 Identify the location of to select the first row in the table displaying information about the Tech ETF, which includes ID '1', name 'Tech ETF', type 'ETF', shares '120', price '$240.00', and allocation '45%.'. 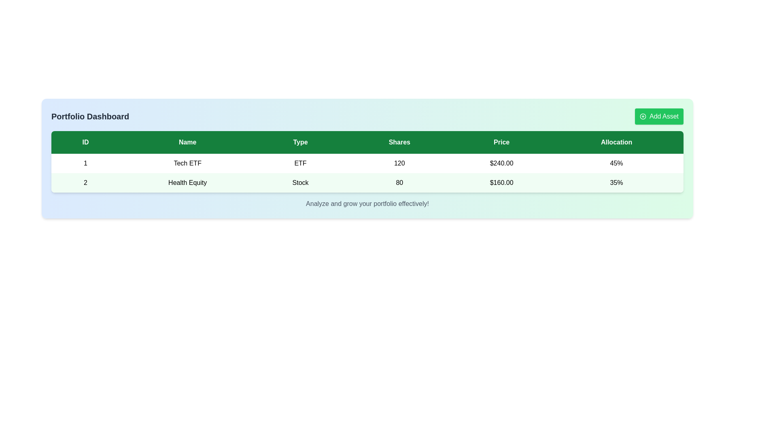
(367, 163).